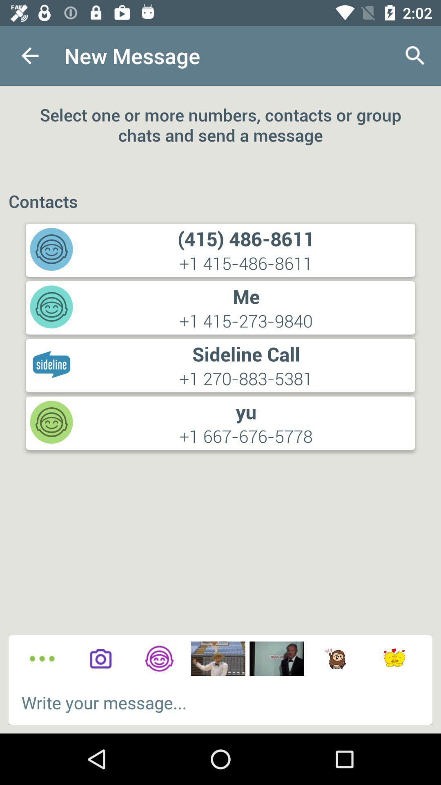 This screenshot has width=441, height=785. What do you see at coordinates (415, 55) in the screenshot?
I see `item to the right of the new message item` at bounding box center [415, 55].